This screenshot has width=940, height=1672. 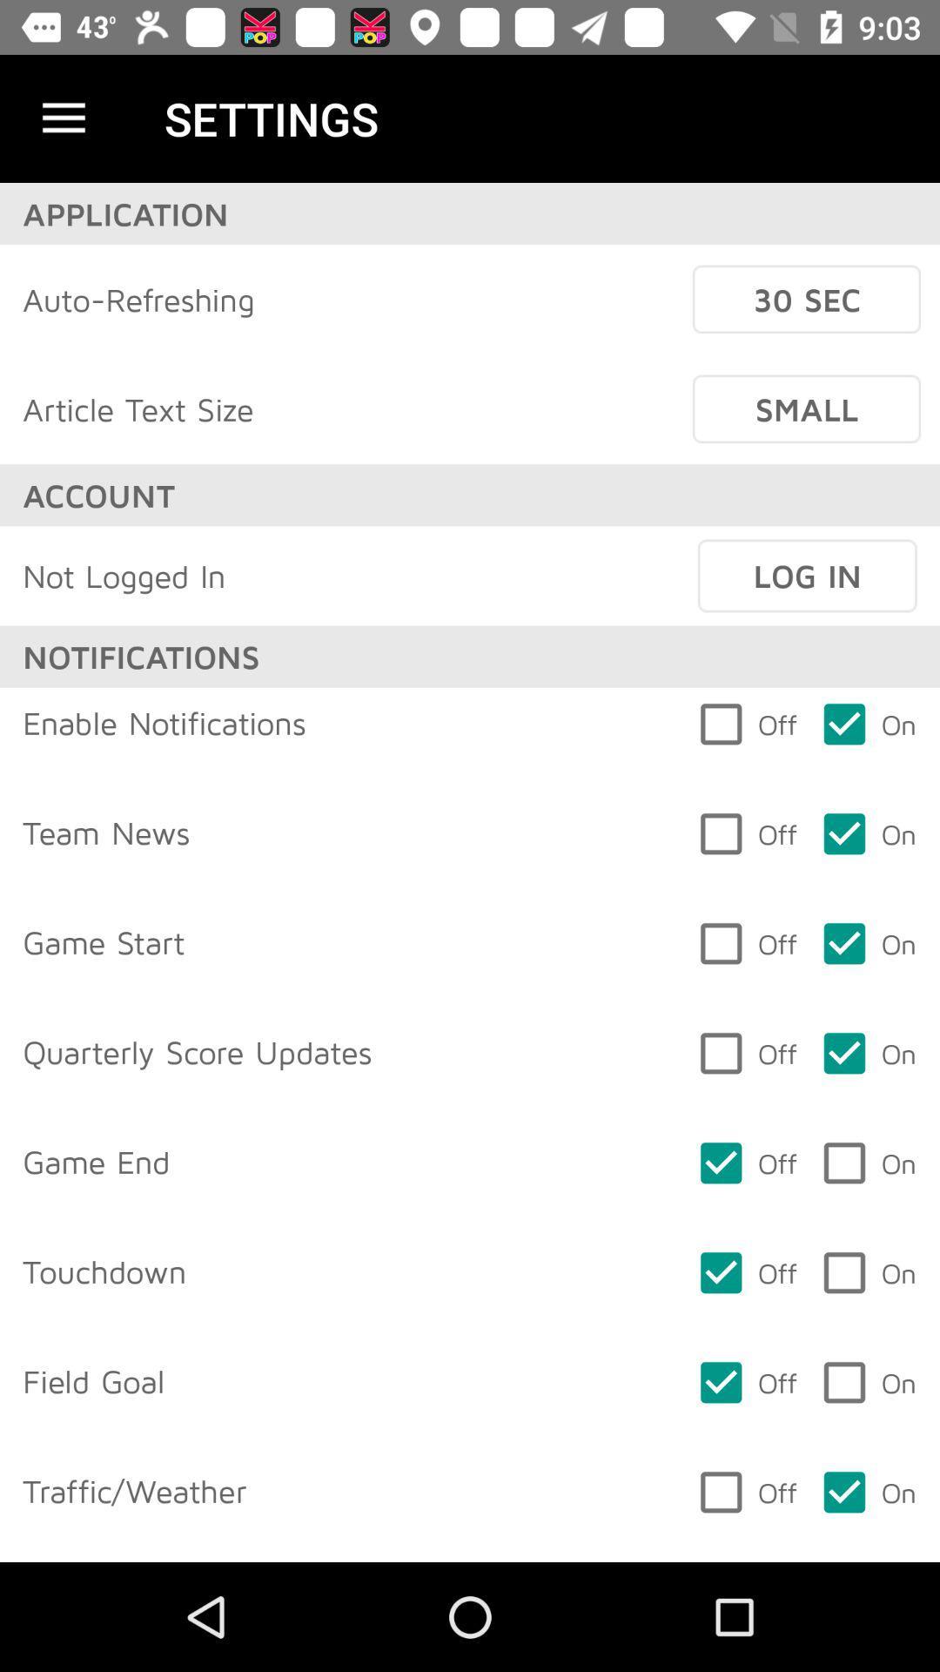 I want to click on icon next to not logged in icon, so click(x=807, y=576).